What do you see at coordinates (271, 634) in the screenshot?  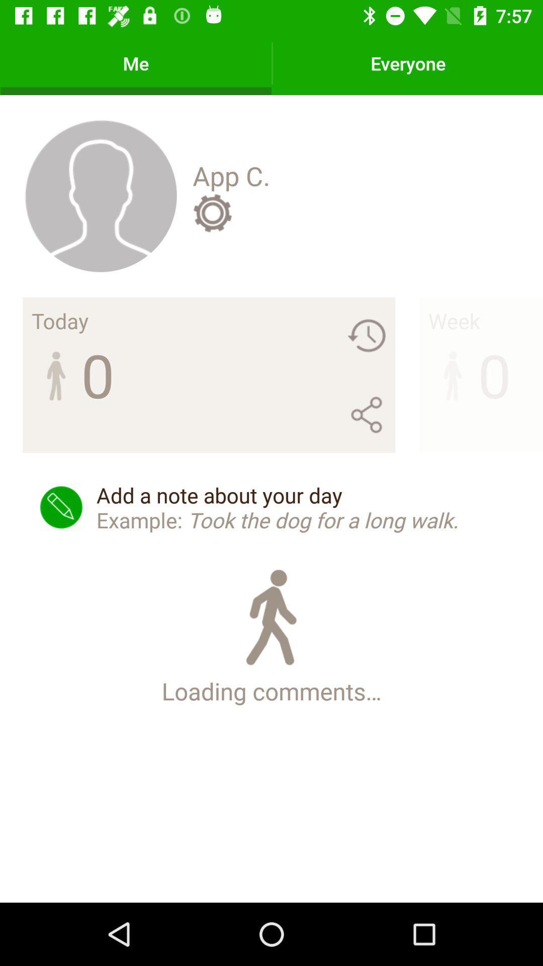 I see `icon below the add a note` at bounding box center [271, 634].